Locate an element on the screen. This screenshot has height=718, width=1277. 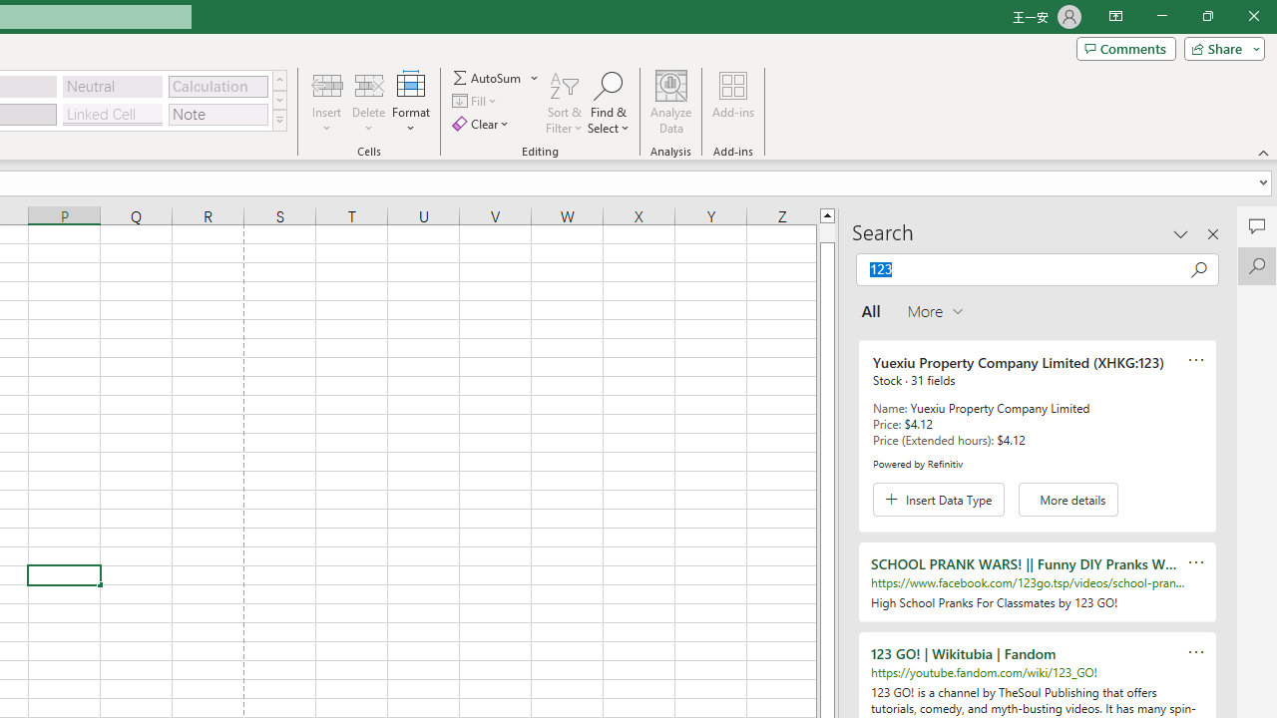
'Insert Cells' is located at coordinates (327, 84).